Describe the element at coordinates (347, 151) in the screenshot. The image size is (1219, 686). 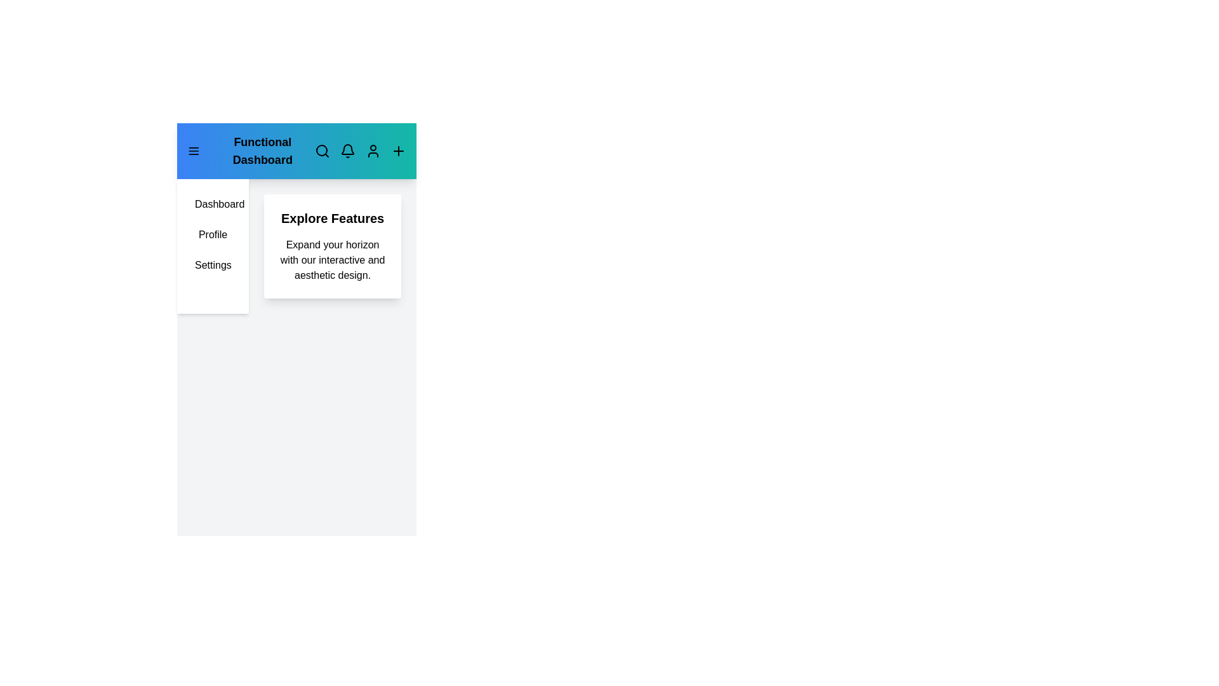
I see `the bell icon to view notifications` at that location.